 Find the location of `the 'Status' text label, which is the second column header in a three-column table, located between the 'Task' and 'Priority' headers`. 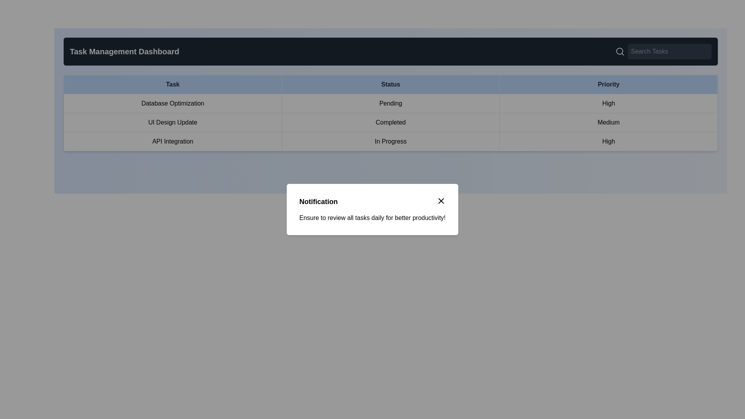

the 'Status' text label, which is the second column header in a three-column table, located between the 'Task' and 'Priority' headers is located at coordinates (391, 85).